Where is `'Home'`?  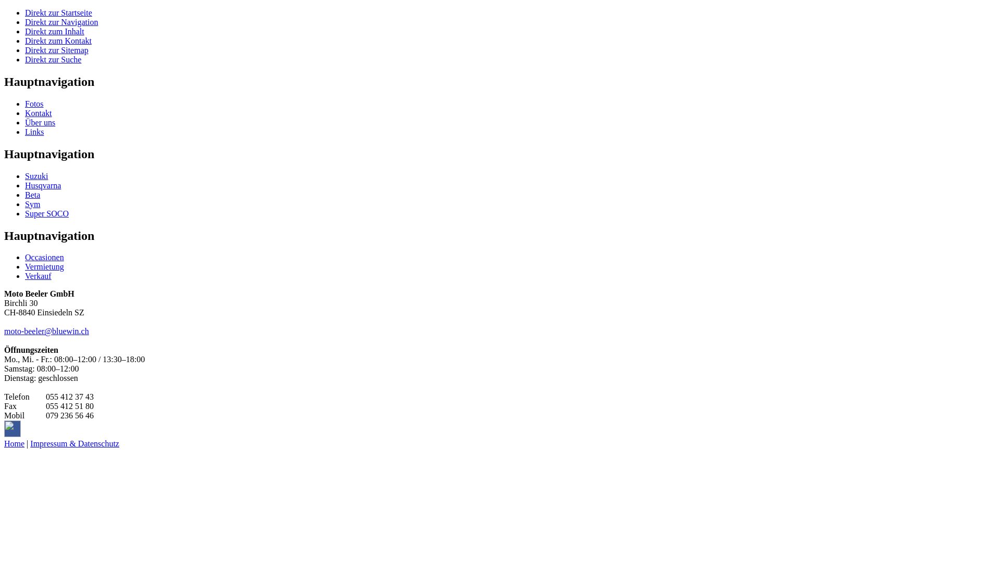
'Home' is located at coordinates (14, 443).